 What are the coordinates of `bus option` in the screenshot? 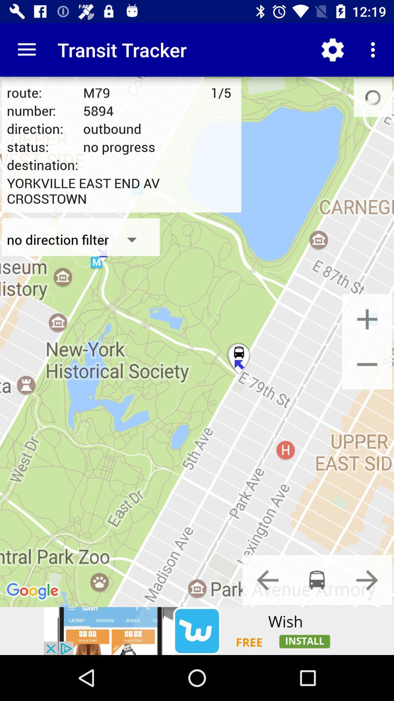 It's located at (317, 579).